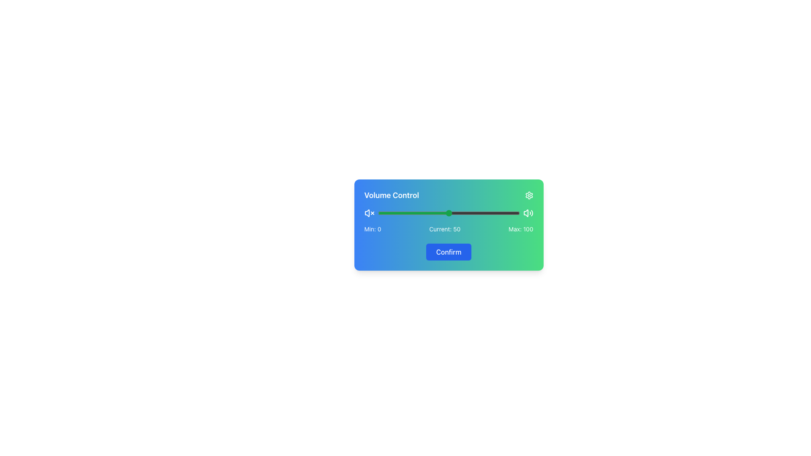  Describe the element at coordinates (481, 213) in the screenshot. I see `the volume` at that location.